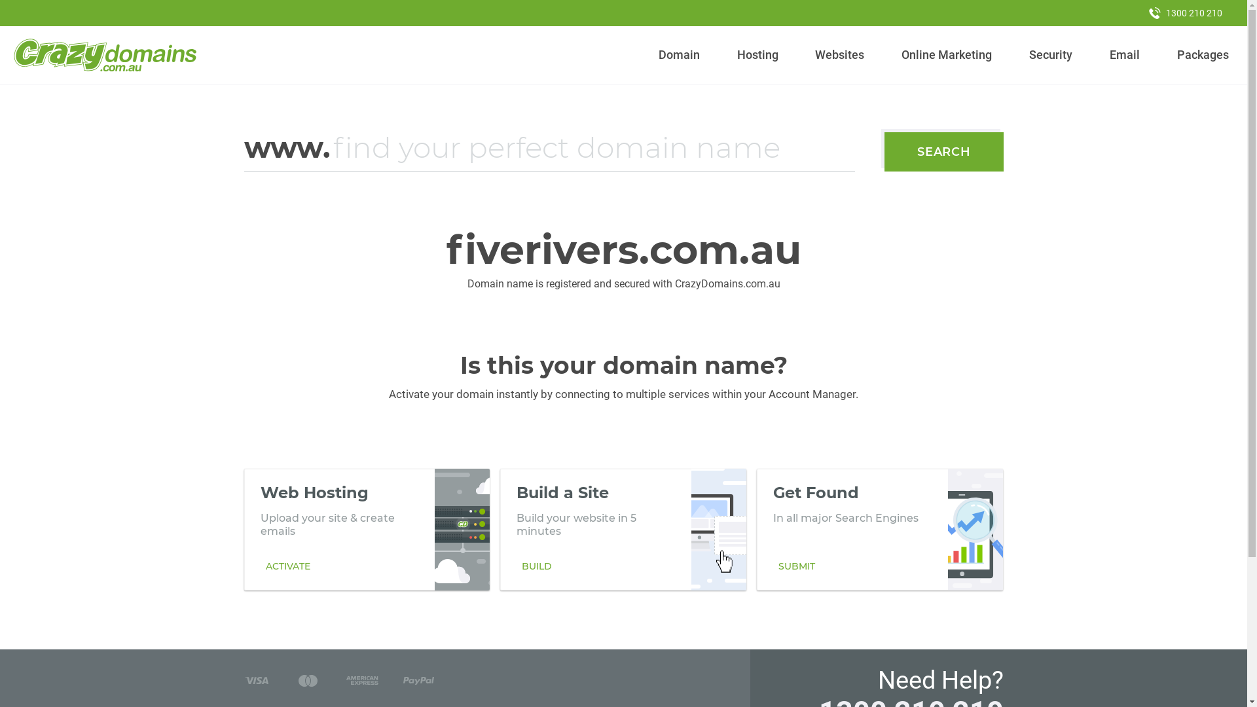 Image resolution: width=1257 pixels, height=707 pixels. I want to click on 'Security', so click(1051, 54).